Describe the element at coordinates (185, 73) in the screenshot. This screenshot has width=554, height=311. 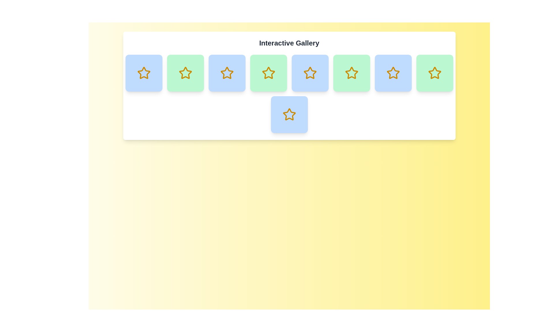
I see `the star-shaped icon with a golden-yellow outline, located in the second position of a horizontal gallery layout with a light green background` at that location.